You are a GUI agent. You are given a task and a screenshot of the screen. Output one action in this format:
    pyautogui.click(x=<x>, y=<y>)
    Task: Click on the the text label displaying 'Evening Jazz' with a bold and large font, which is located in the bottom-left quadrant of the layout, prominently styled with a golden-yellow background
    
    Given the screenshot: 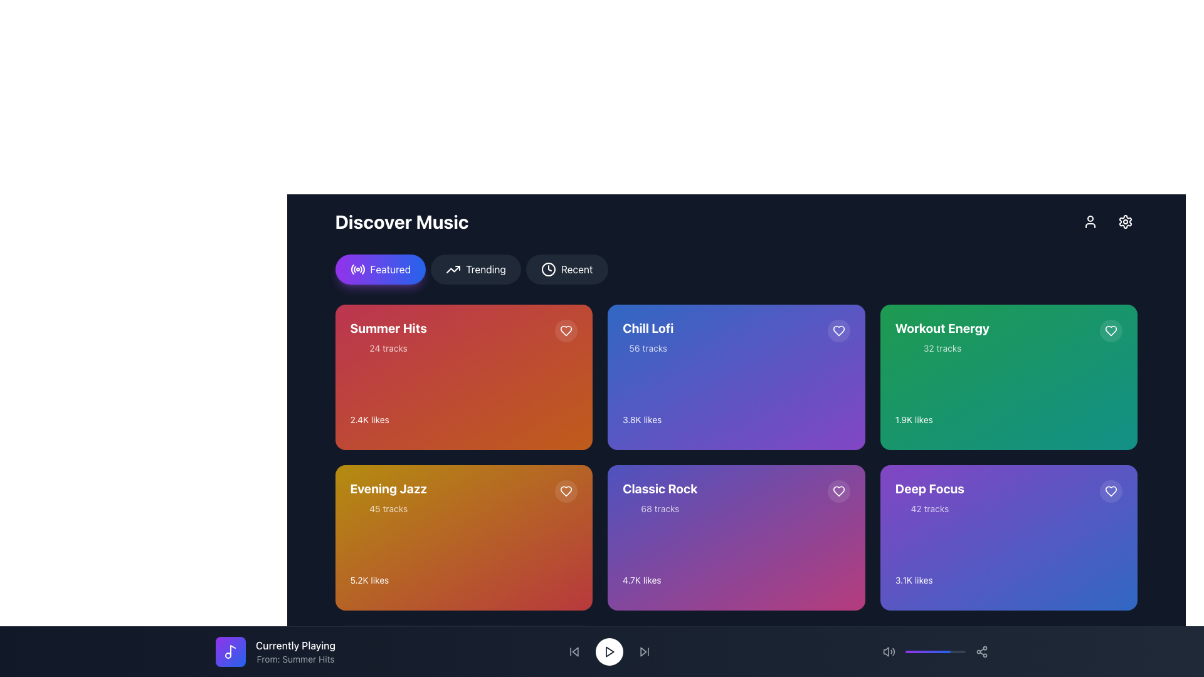 What is the action you would take?
    pyautogui.click(x=388, y=488)
    